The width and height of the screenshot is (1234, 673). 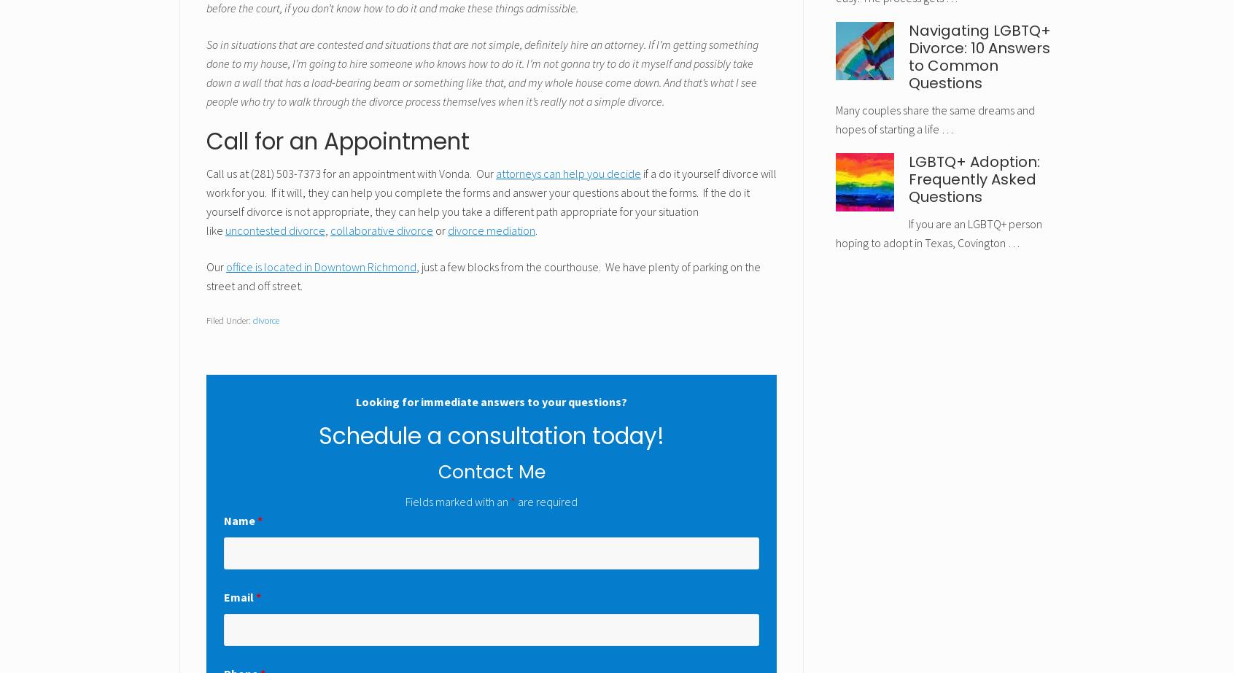 I want to click on 'Many couples share the same dreams and hopes of starting a life  …', so click(x=834, y=119).